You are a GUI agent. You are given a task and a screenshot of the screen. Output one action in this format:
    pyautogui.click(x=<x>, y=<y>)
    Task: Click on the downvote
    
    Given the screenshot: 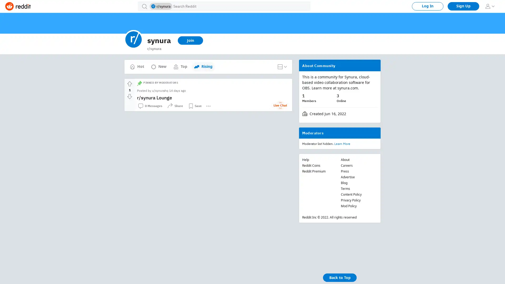 What is the action you would take?
    pyautogui.click(x=130, y=96)
    